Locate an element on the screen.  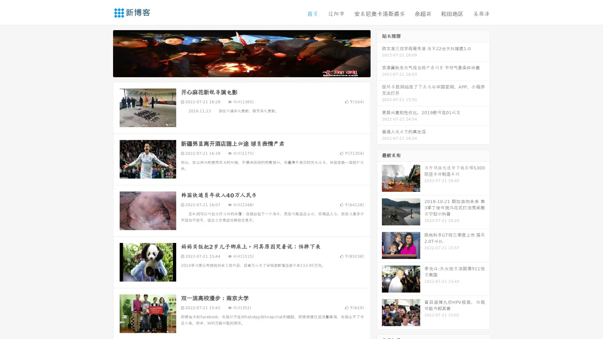
Go to slide 1 is located at coordinates (235, 71).